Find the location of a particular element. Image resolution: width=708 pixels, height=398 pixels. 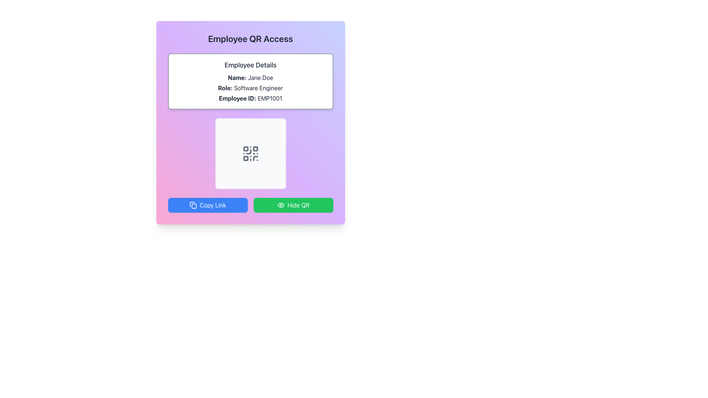

the curved line segment within the QR code representation of the 'Employee QR Access' card is located at coordinates (249, 151).